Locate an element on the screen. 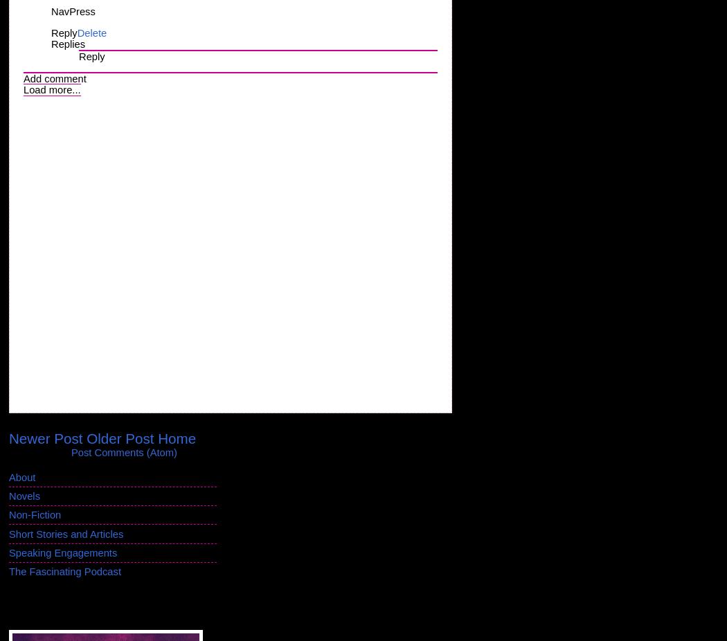 Image resolution: width=727 pixels, height=641 pixels. 'Replies' is located at coordinates (68, 42).